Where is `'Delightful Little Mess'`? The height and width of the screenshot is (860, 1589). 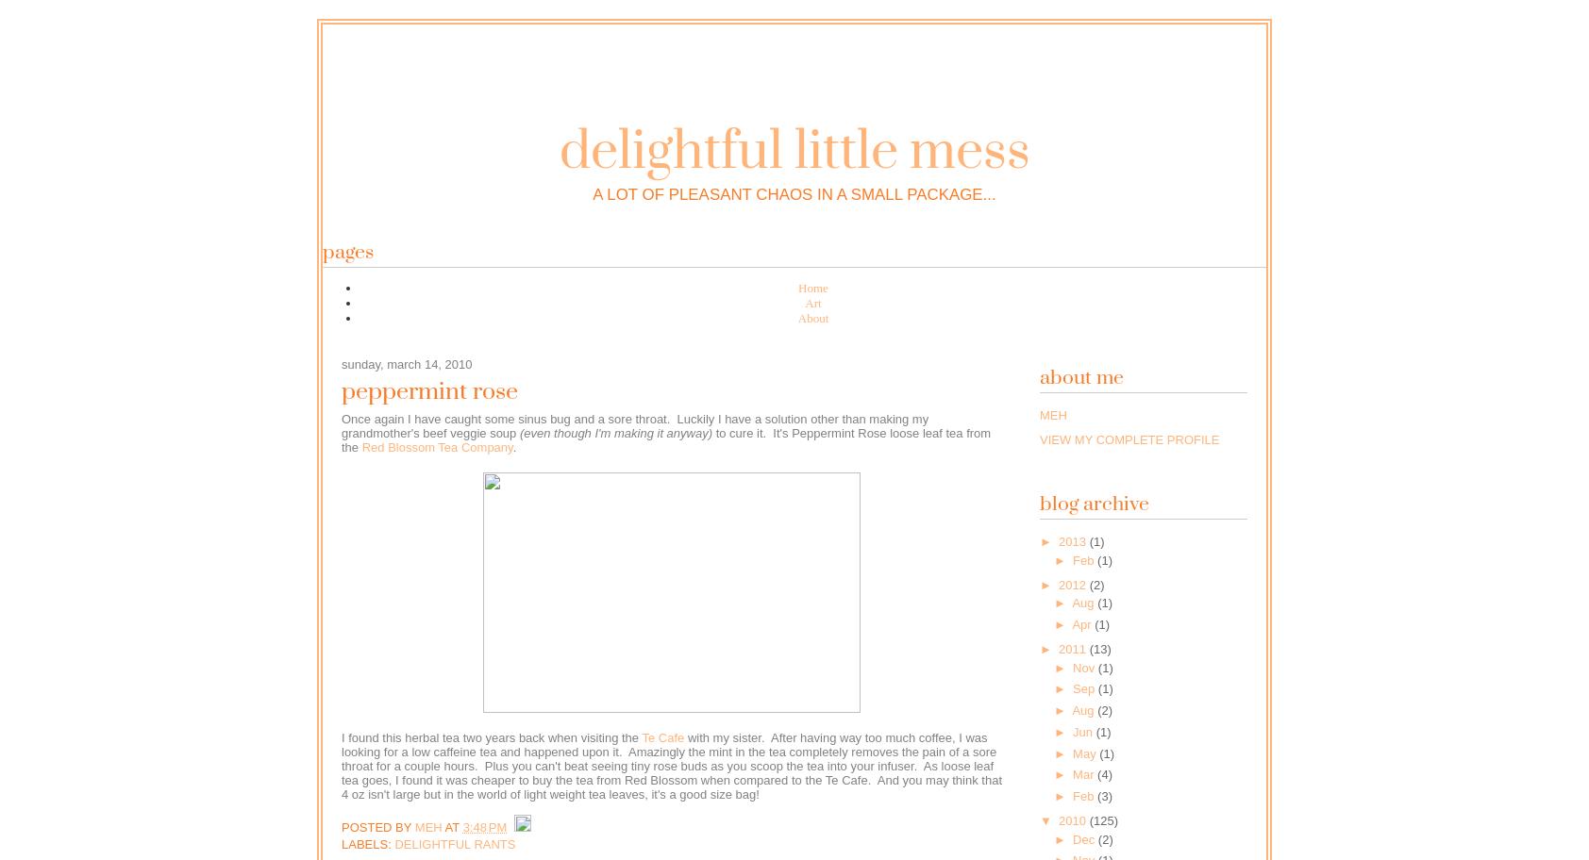
'Delightful Little Mess' is located at coordinates (794, 152).